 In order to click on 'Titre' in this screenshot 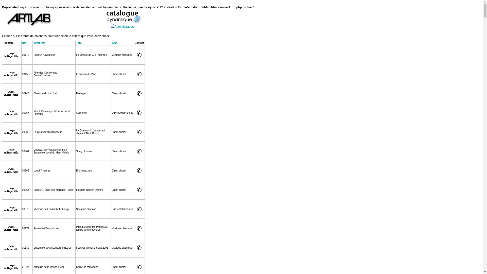, I will do `click(79, 43)`.